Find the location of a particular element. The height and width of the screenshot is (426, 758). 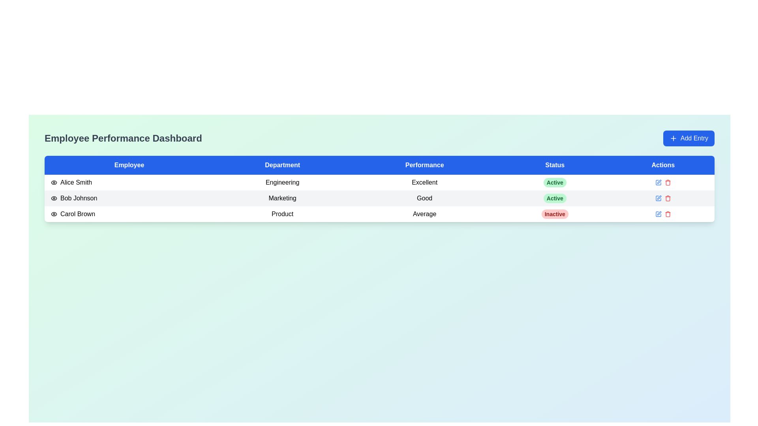

the edit button in the 'Actions' column for the 'Bob Johnson' row to observe a color change is located at coordinates (658, 198).